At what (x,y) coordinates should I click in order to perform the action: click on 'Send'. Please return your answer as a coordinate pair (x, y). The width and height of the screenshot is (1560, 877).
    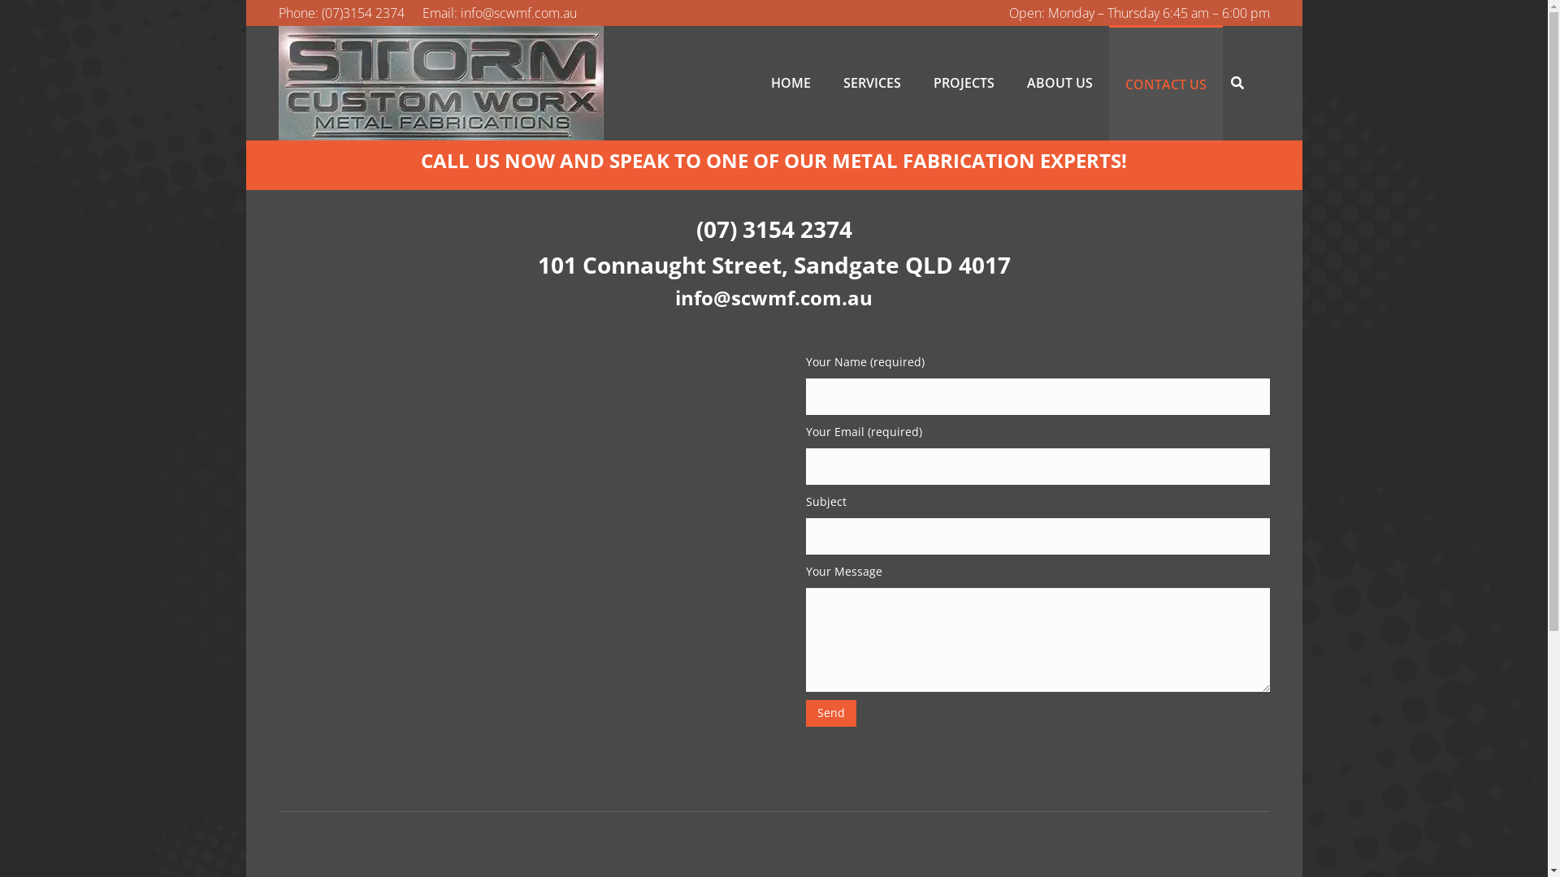
    Looking at the image, I should click on (806, 712).